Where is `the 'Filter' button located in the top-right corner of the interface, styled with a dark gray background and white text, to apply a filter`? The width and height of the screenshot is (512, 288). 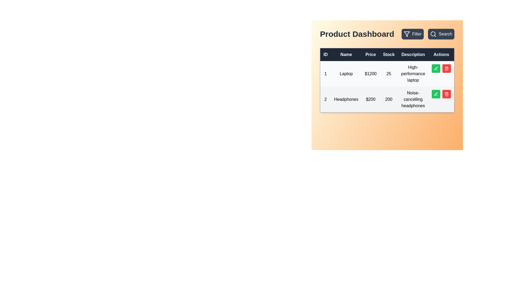 the 'Filter' button located in the top-right corner of the interface, styled with a dark gray background and white text, to apply a filter is located at coordinates (412, 34).